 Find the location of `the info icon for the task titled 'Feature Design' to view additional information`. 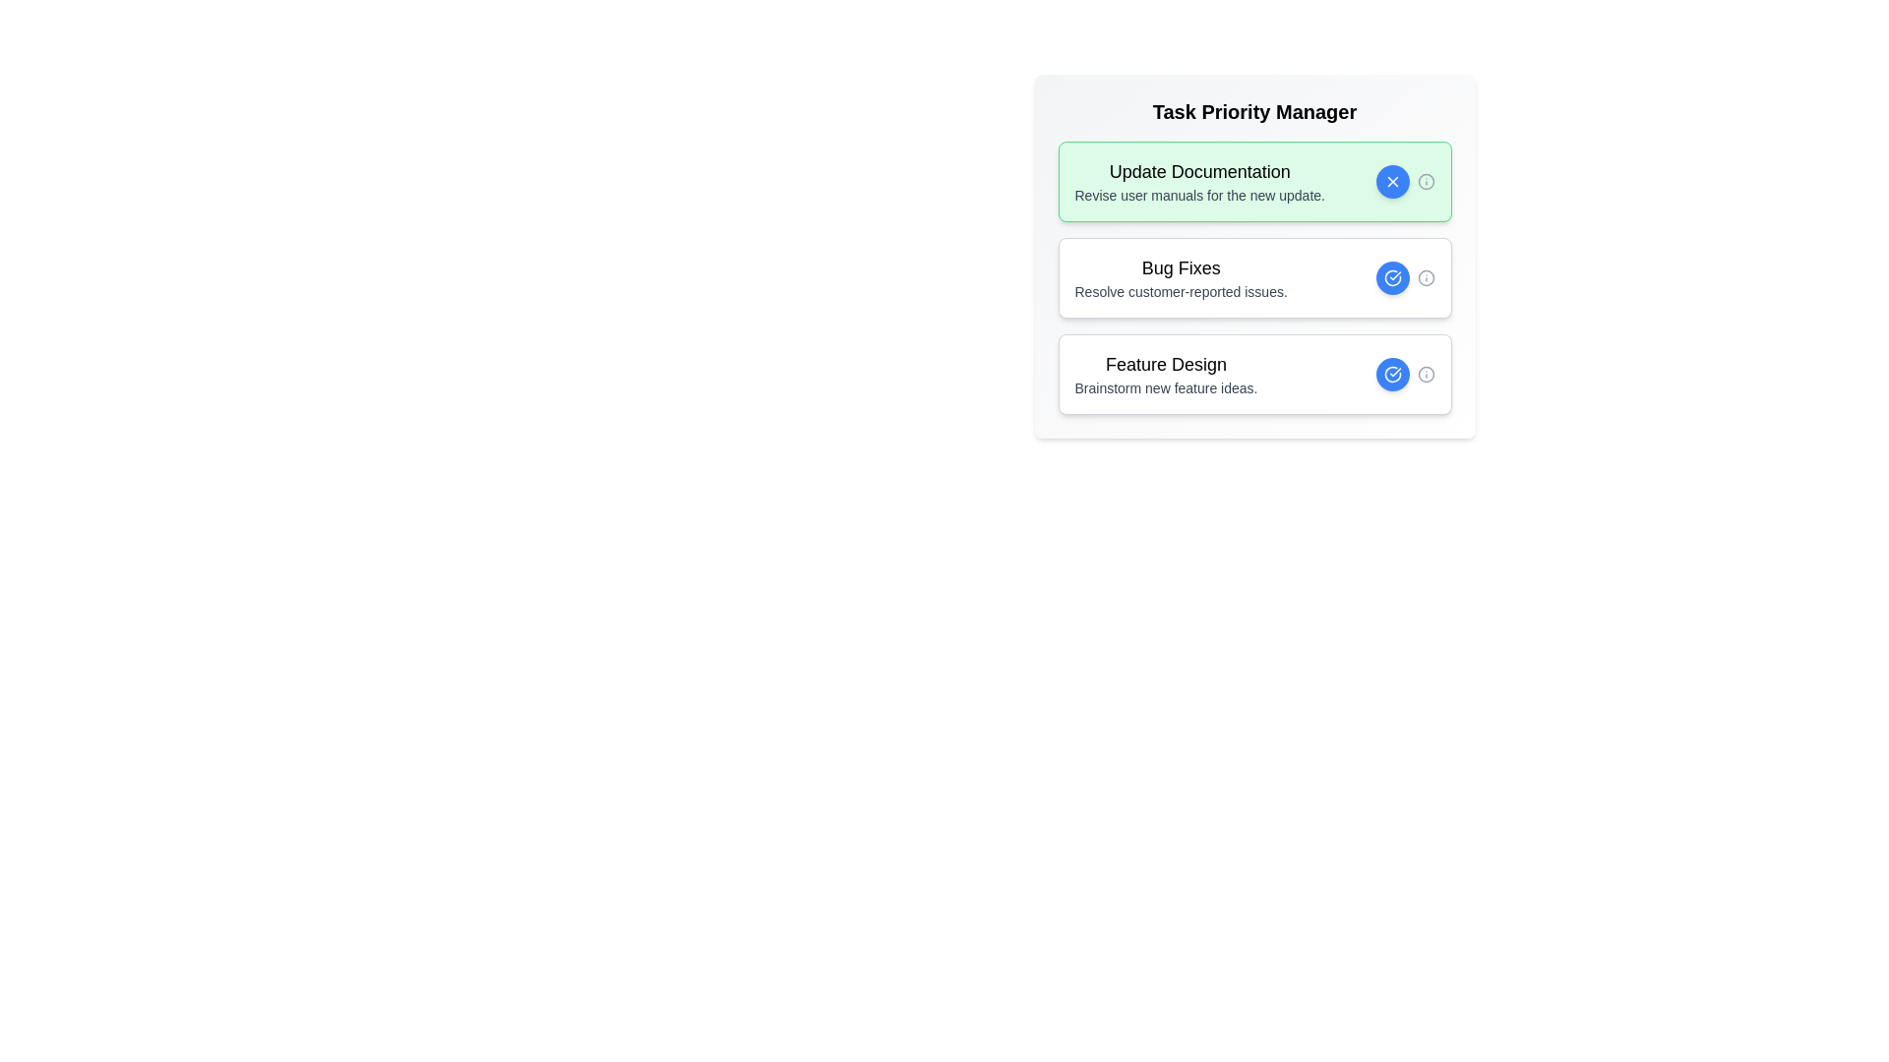

the info icon for the task titled 'Feature Design' to view additional information is located at coordinates (1426, 375).